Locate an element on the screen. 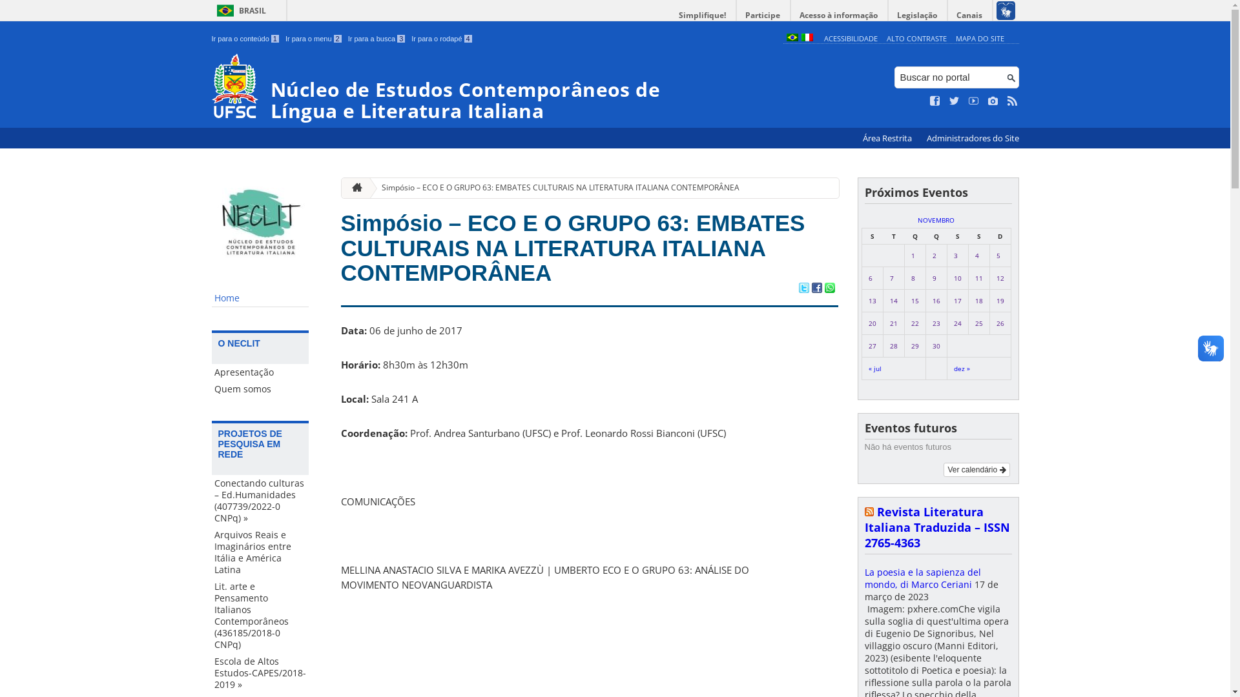  '9' is located at coordinates (934, 278).